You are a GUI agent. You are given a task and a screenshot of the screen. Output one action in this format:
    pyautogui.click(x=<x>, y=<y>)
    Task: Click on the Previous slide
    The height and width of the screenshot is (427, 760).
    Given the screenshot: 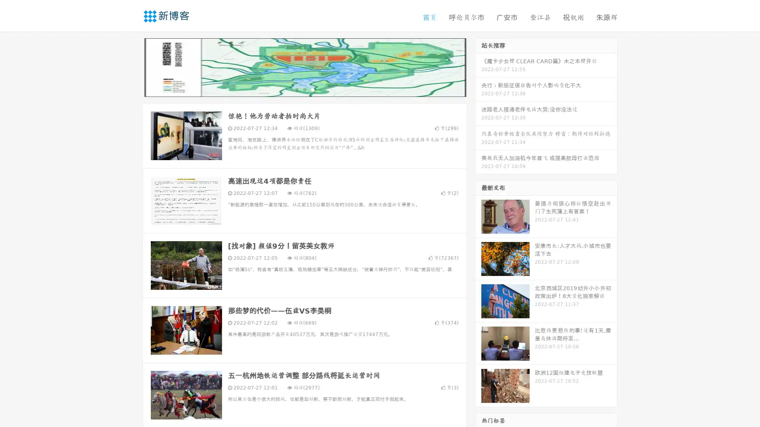 What is the action you would take?
    pyautogui.click(x=131, y=66)
    